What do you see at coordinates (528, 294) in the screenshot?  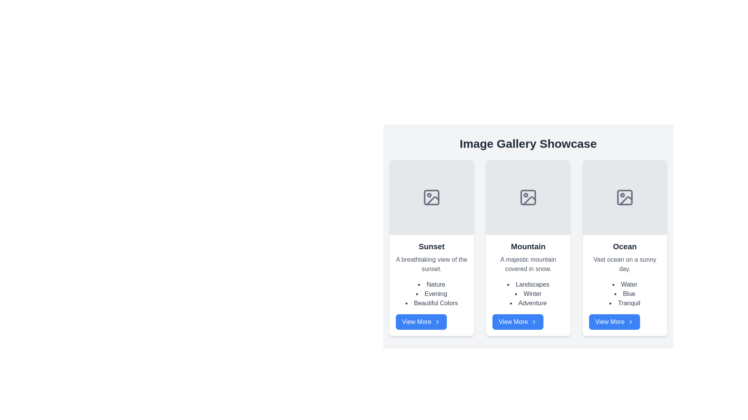 I see `the bulleted list containing the item 'Winter', which is the second item in the list within the second card labeled 'Mountain'` at bounding box center [528, 294].